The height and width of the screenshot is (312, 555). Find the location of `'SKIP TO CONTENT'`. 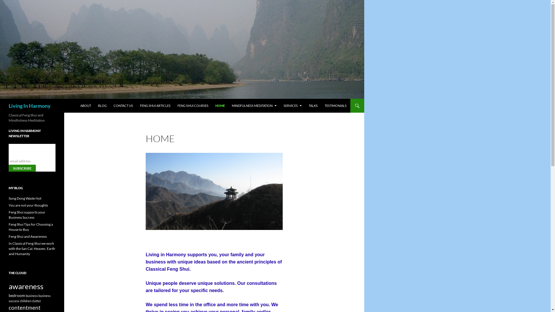

'SKIP TO CONTENT' is located at coordinates (94, 101).